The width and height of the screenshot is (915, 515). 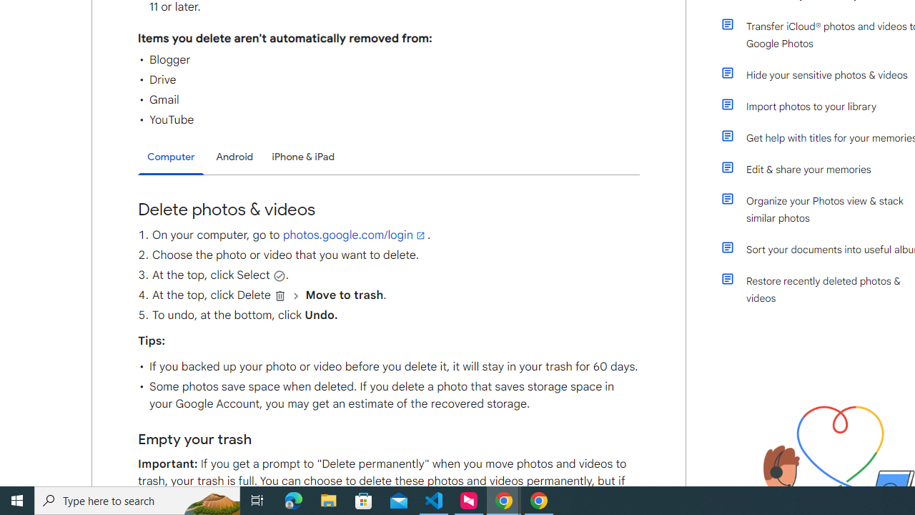 I want to click on 'Select', so click(x=279, y=275).